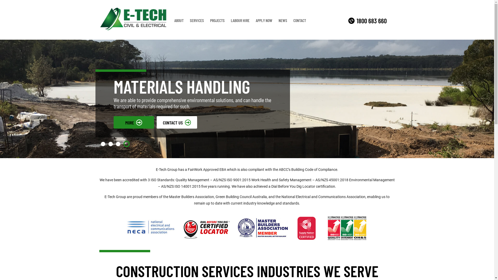 Image resolution: width=498 pixels, height=280 pixels. I want to click on '1800 683 660', so click(367, 20).